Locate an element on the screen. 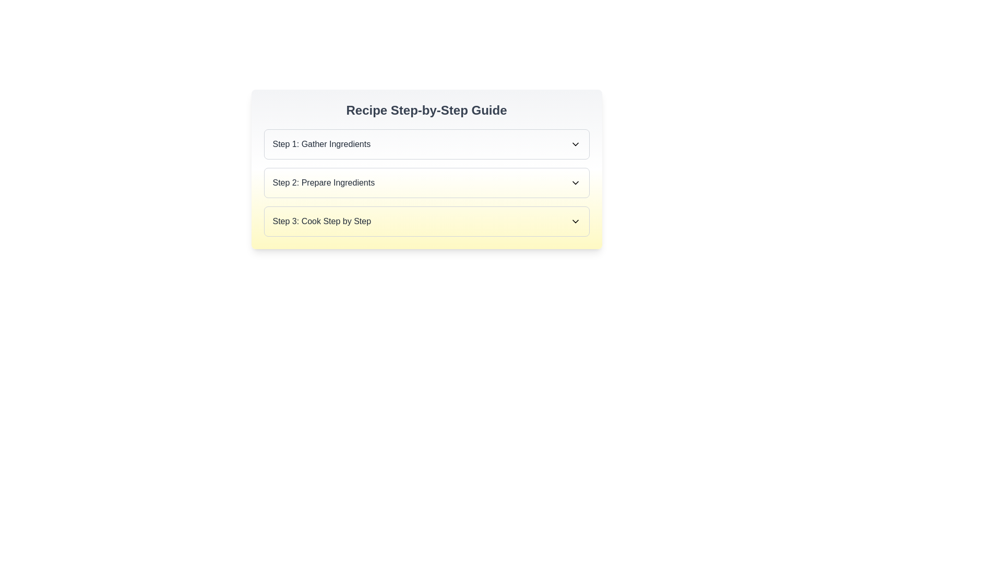 Image resolution: width=1002 pixels, height=563 pixels. the text label header which is the third step in the 'Recipe Step-by-Step Guide', positioned to the left of a downward-facing arrow icon is located at coordinates (321, 221).